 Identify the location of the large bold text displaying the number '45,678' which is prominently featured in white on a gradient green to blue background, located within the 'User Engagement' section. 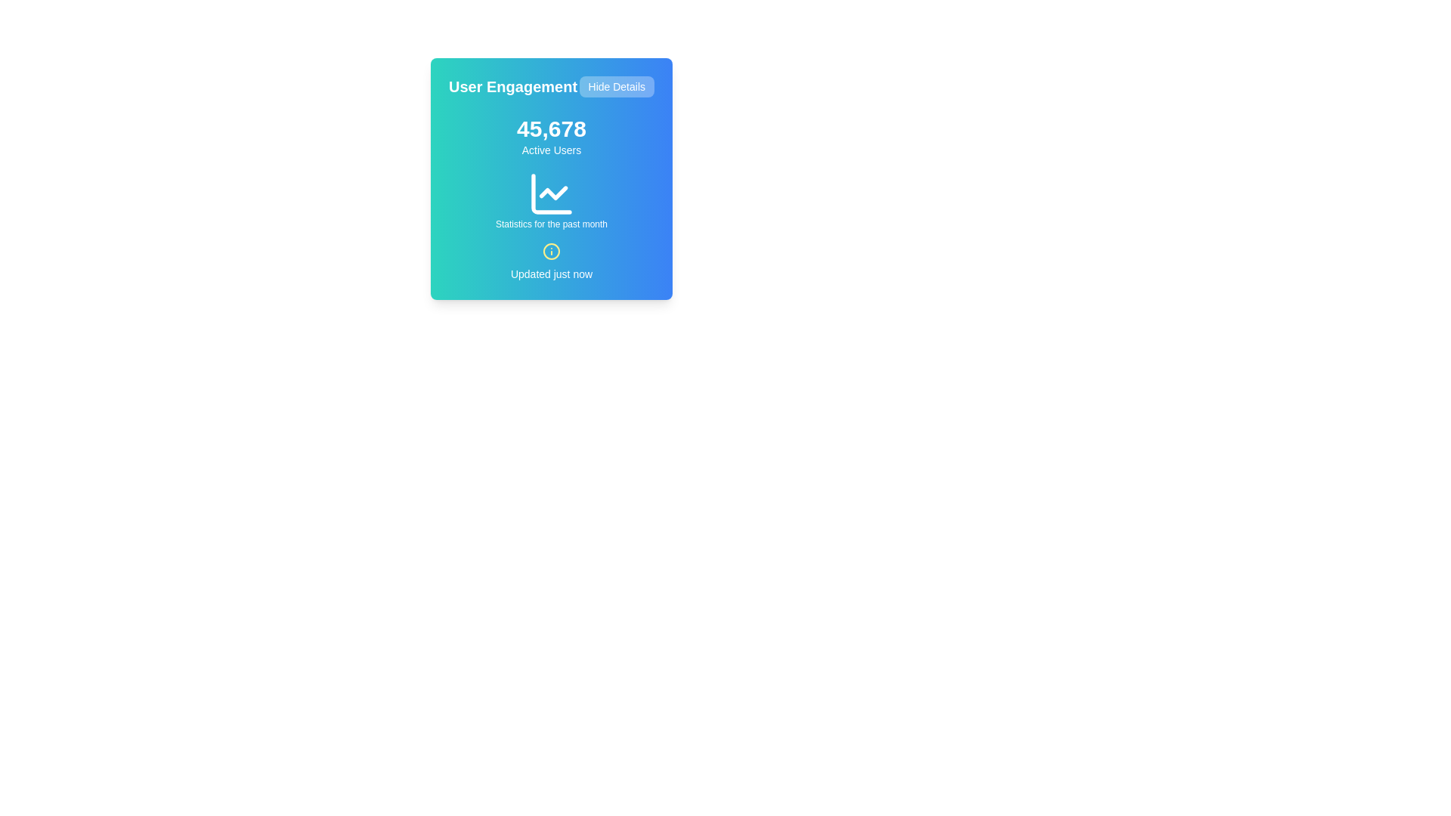
(550, 128).